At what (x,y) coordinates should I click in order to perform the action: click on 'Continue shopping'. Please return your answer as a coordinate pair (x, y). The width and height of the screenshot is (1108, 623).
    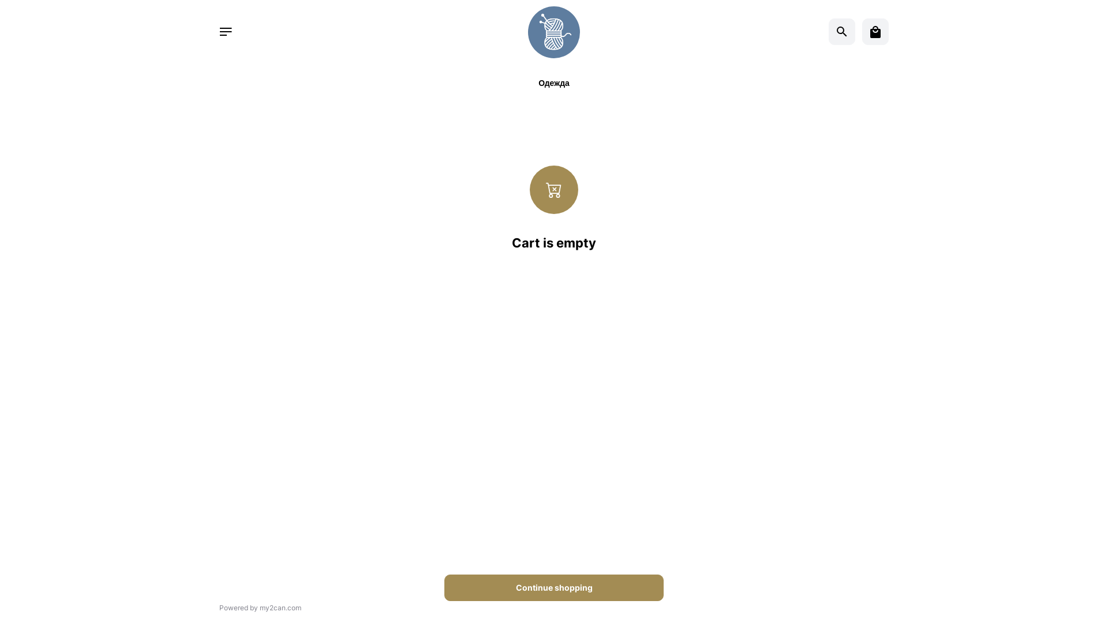
    Looking at the image, I should click on (554, 587).